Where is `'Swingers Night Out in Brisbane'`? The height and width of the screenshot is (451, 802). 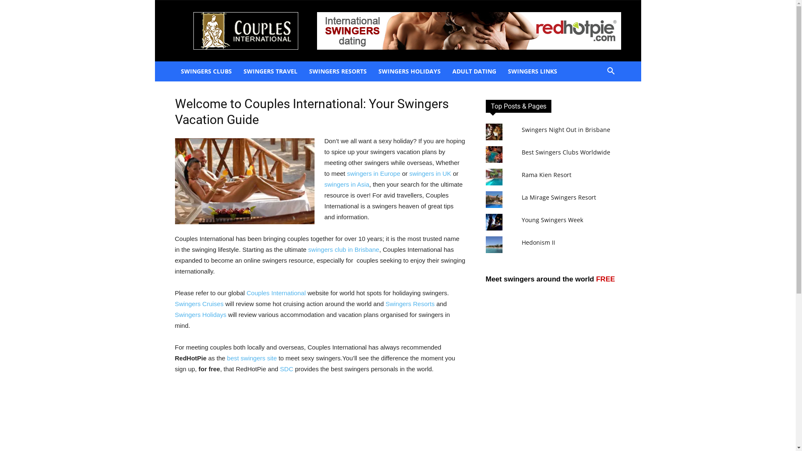 'Swingers Night Out in Brisbane' is located at coordinates (566, 129).